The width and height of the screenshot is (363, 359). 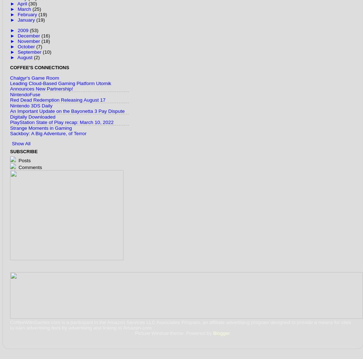 I want to click on 'An Important Update on the Bayonetta 3 Pay Dispute', so click(x=67, y=110).